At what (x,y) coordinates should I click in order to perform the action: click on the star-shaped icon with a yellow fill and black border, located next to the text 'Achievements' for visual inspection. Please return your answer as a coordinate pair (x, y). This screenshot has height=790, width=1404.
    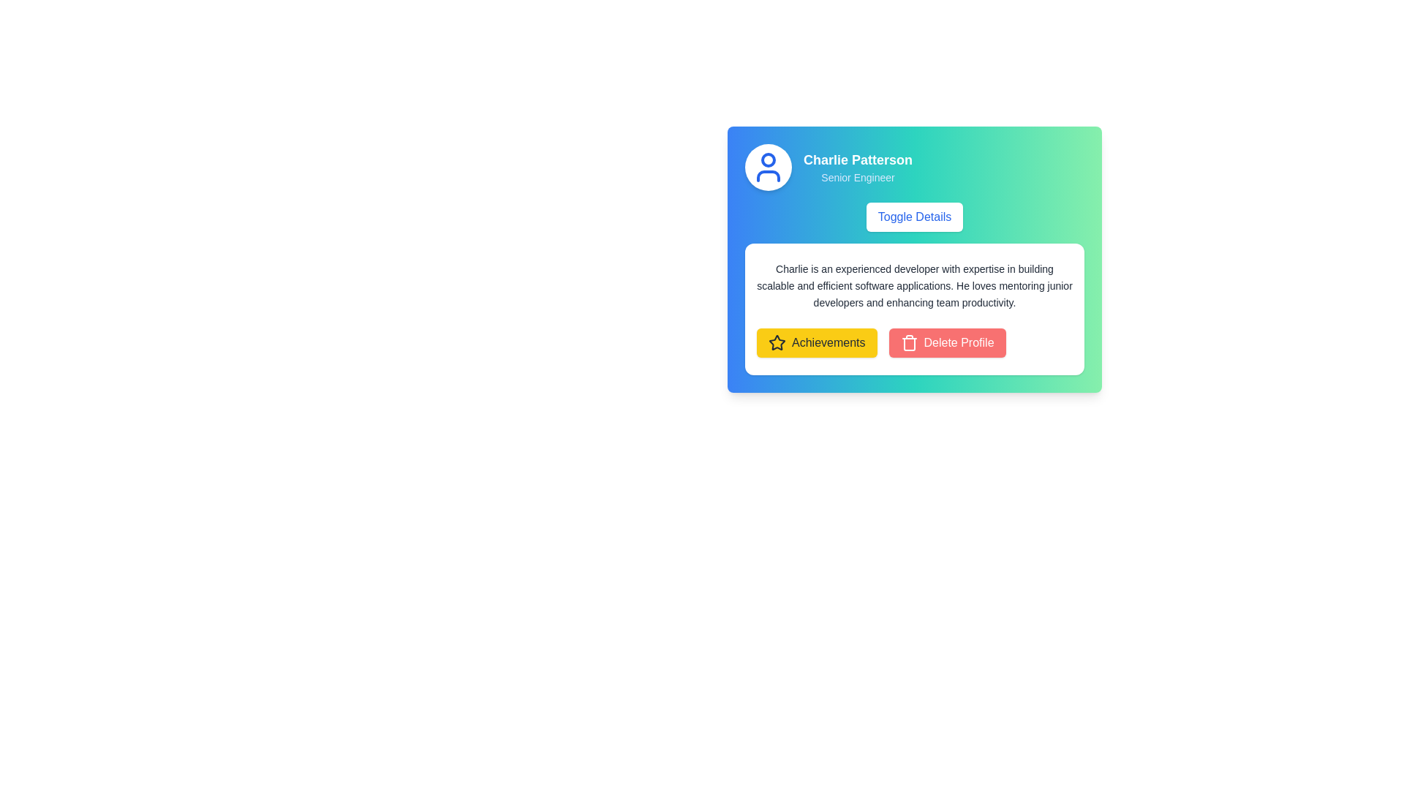
    Looking at the image, I should click on (776, 343).